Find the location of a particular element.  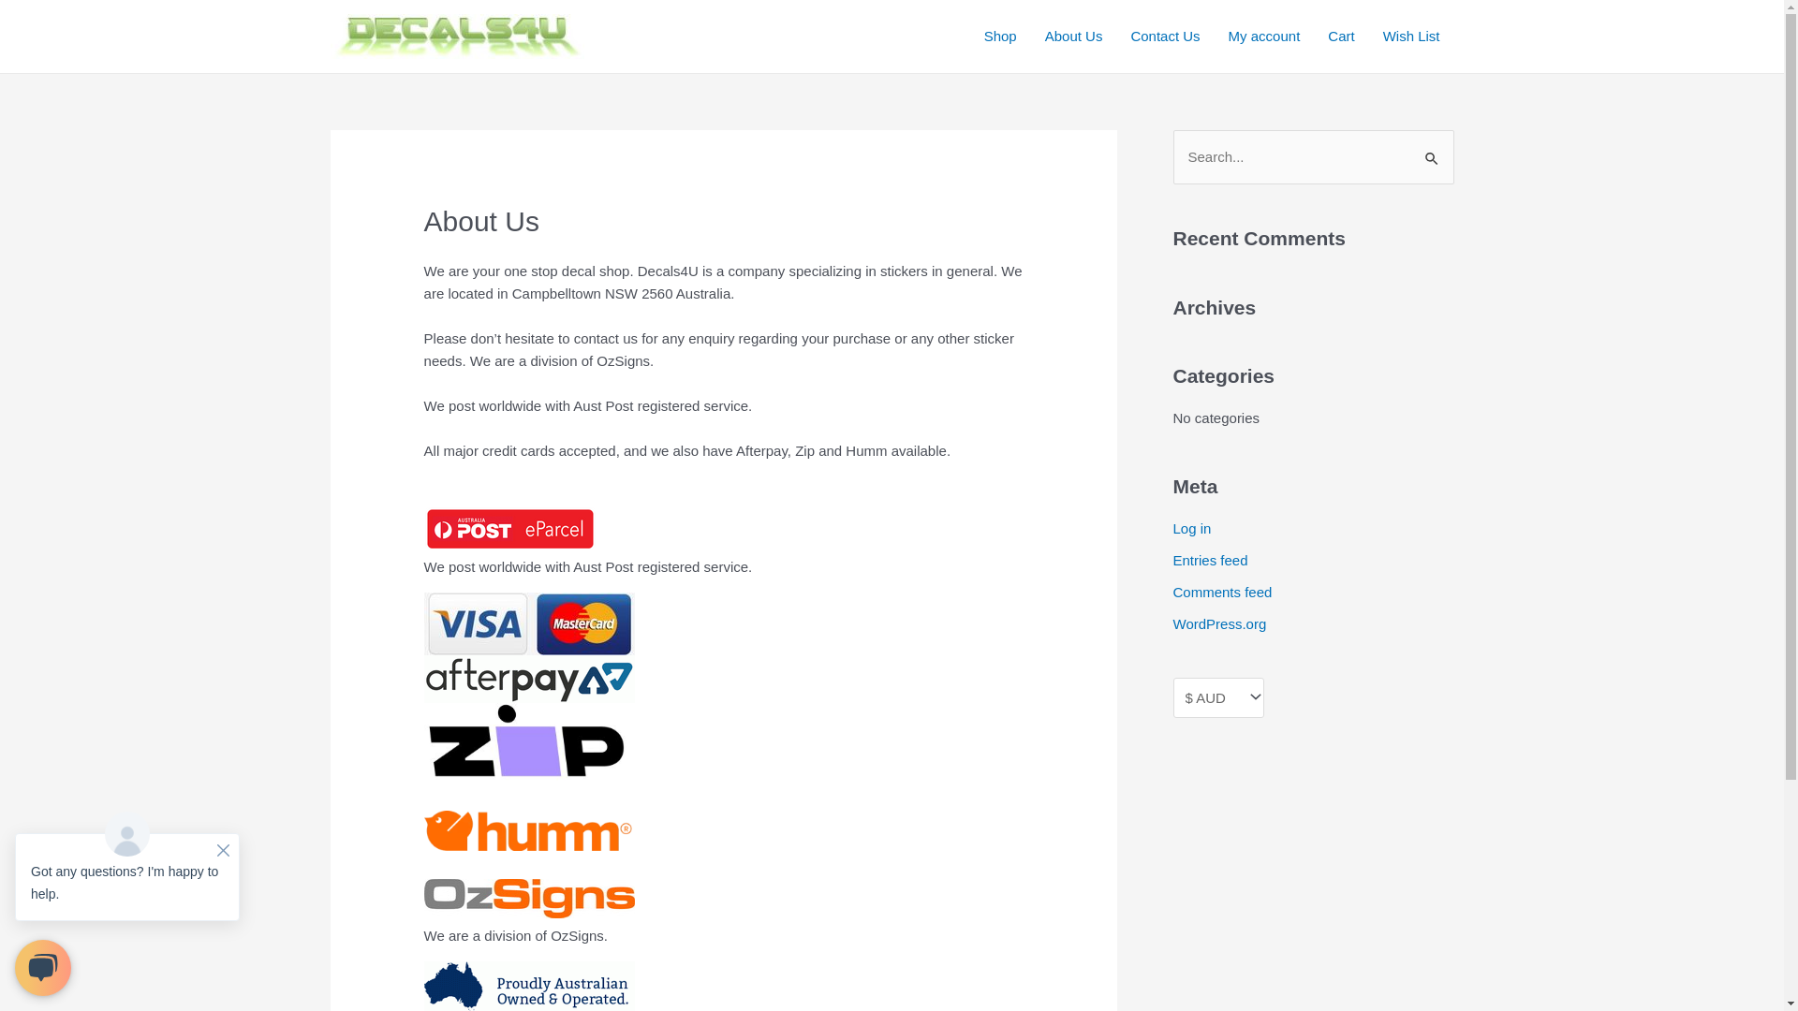

'Wish List' is located at coordinates (1411, 36).